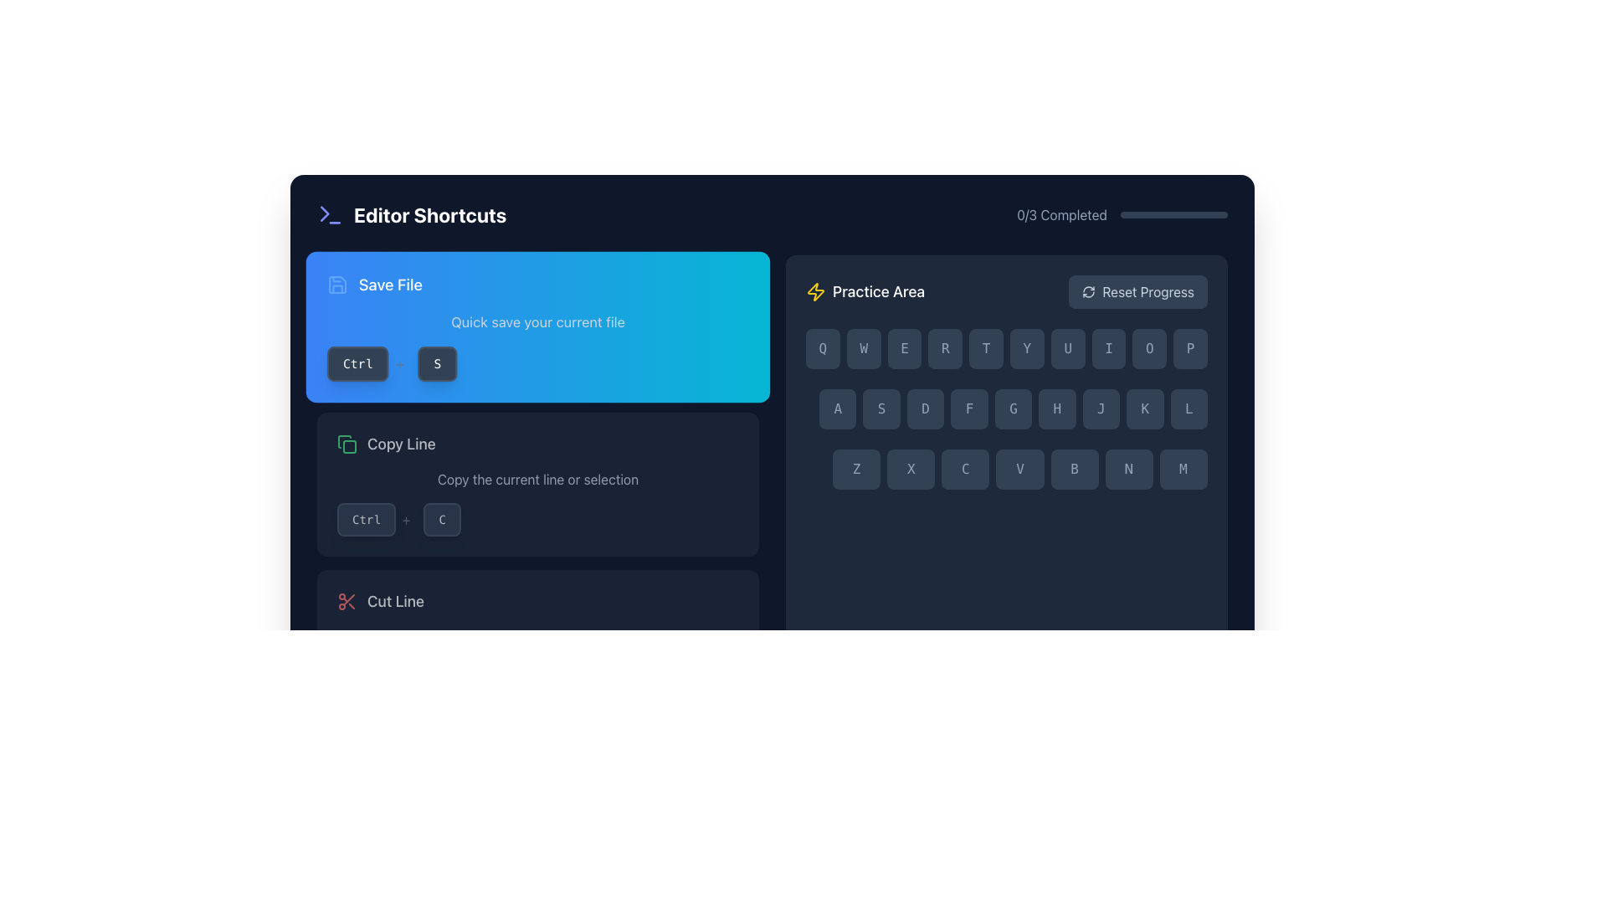  Describe the element at coordinates (380, 600) in the screenshot. I see `the 'Cut Line' interactive guide element, which features a scissors icon outlined in red followed by the text 'Cut Line' in white font, located at the bottom-left of the main column` at that location.